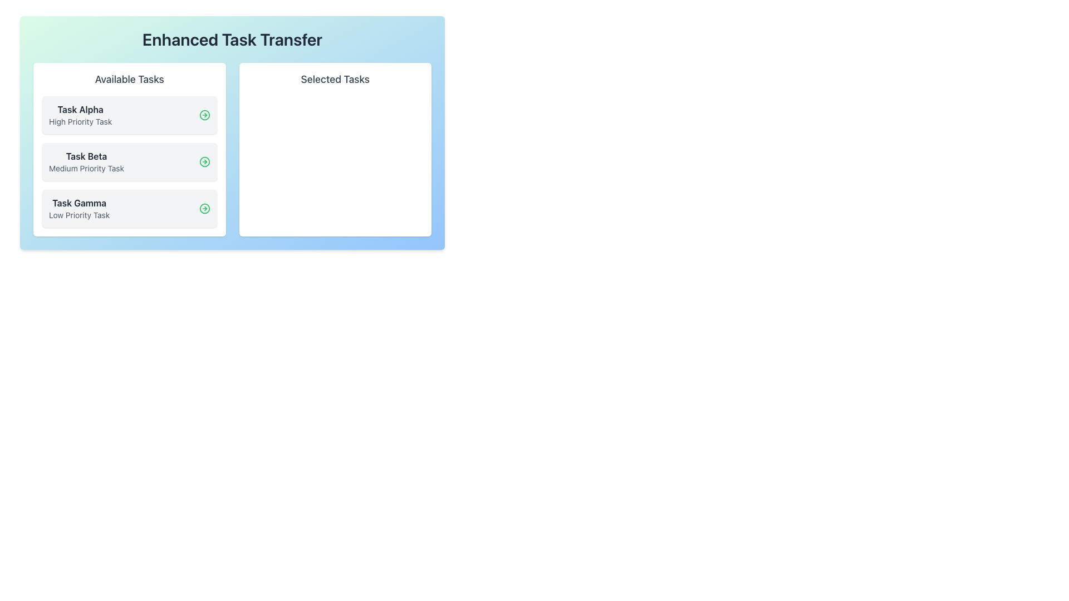 The image size is (1069, 601). What do you see at coordinates (129, 161) in the screenshot?
I see `the task item labeled 'Task Beta', marked as 'Medium Priority Task', to mark or select the task` at bounding box center [129, 161].